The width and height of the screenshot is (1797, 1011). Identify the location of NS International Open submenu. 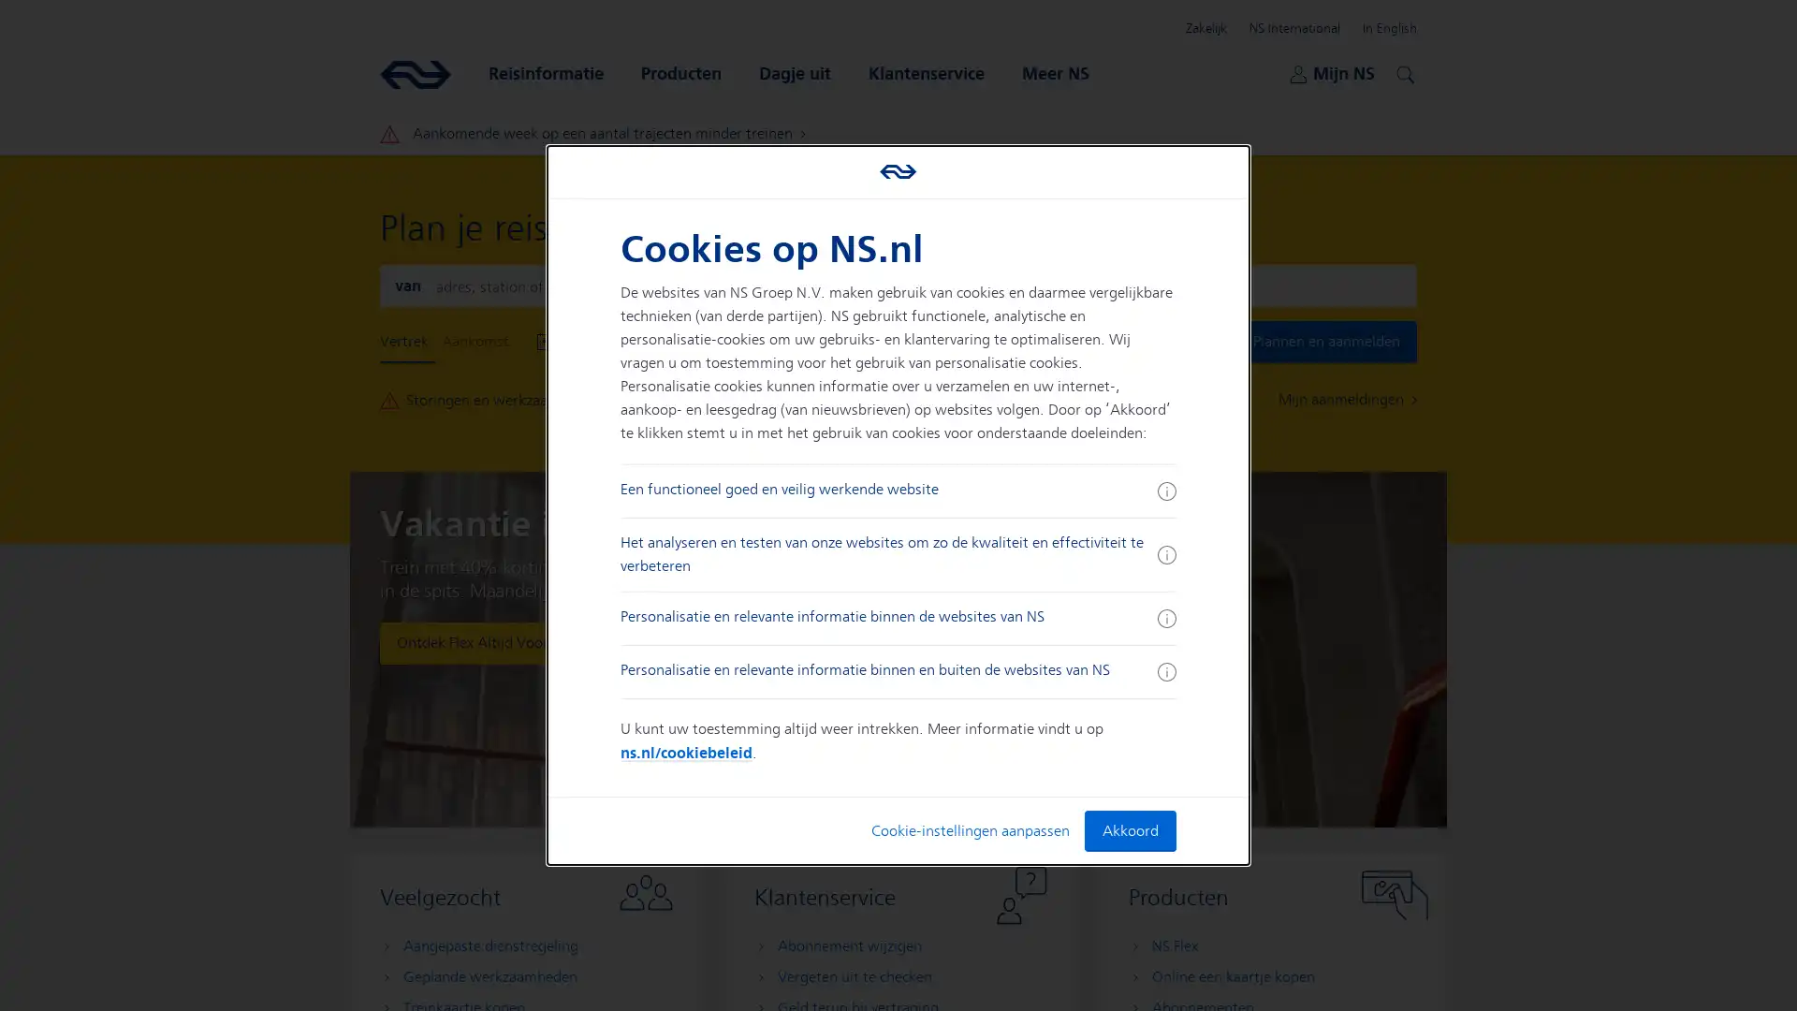
(1293, 28).